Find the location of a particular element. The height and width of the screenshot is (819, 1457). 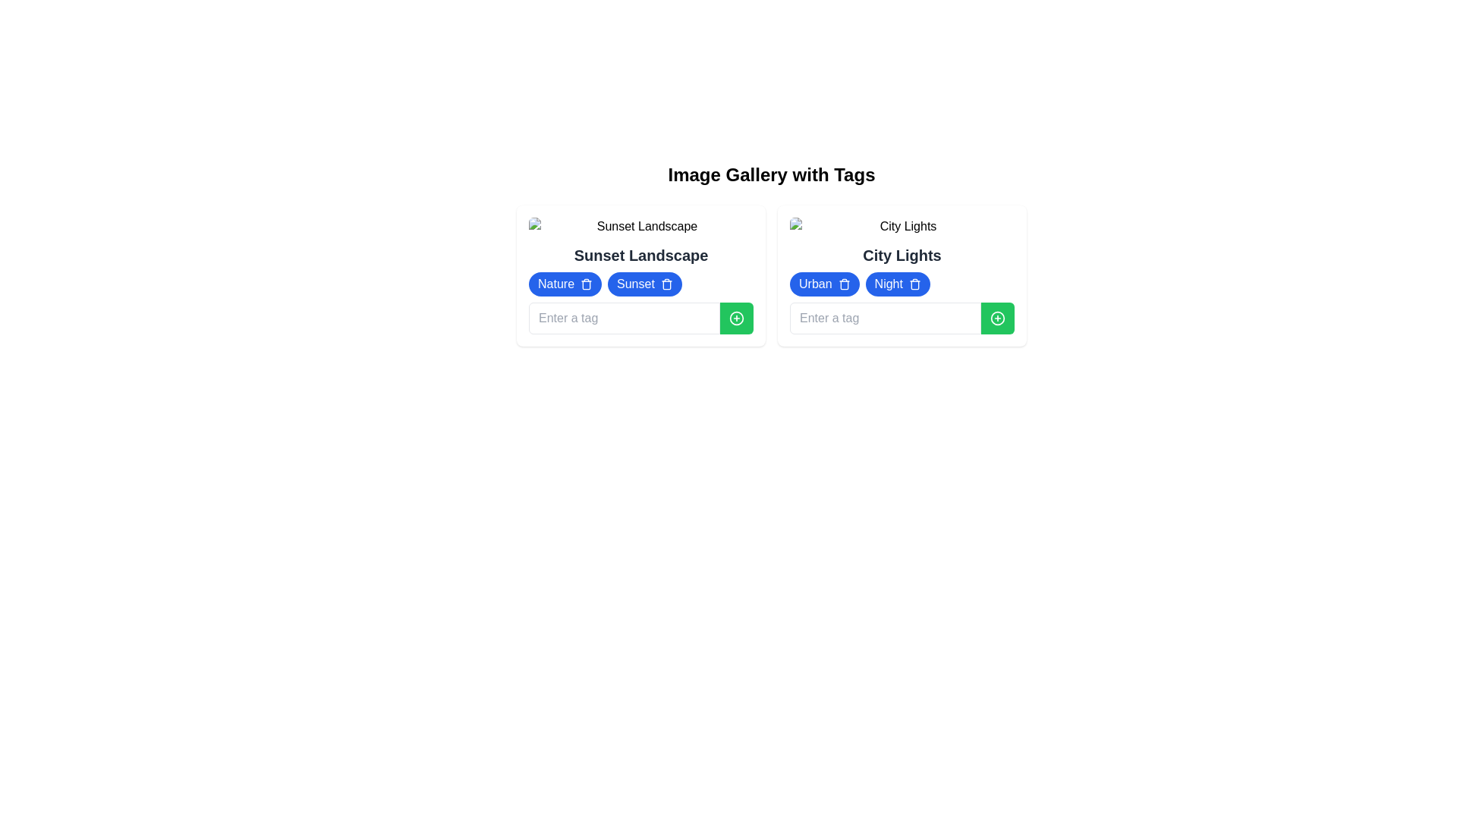

the SVG Circle element that is part of the green circular button located in the first gallery card under the 'Sunset Landscape' section, positioned right of the 'Enter a tag' input field is located at coordinates (736, 318).